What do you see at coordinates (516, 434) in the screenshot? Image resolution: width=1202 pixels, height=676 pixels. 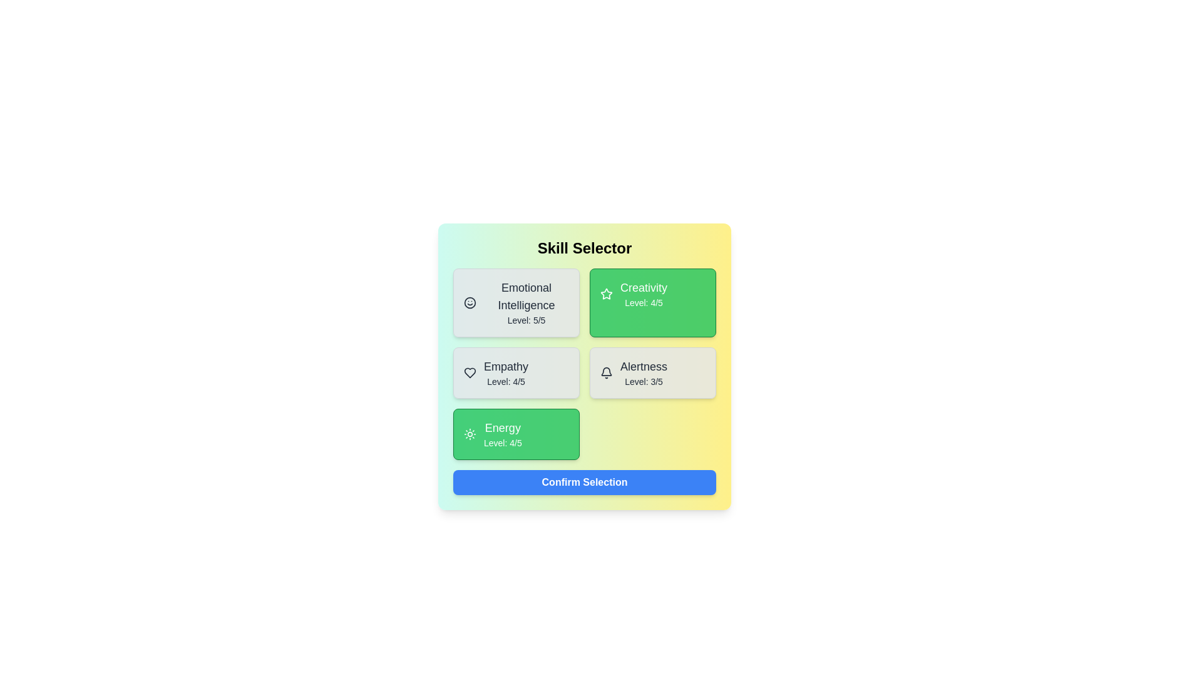 I see `the skill card identified by Energy` at bounding box center [516, 434].